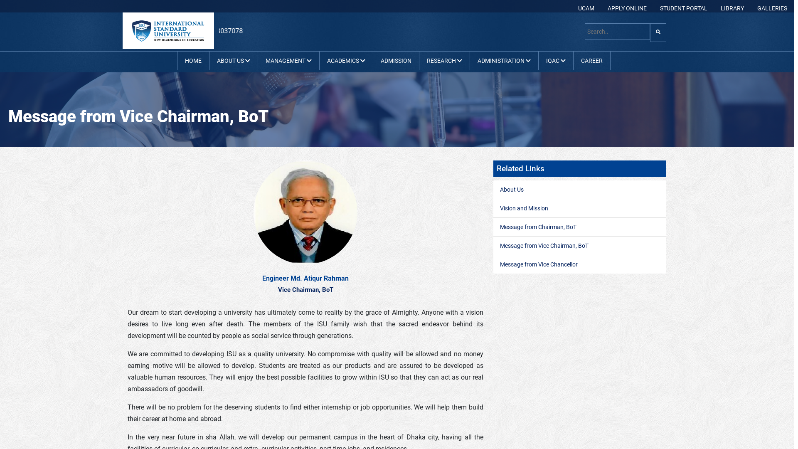  I want to click on 'IQAC', so click(556, 60).